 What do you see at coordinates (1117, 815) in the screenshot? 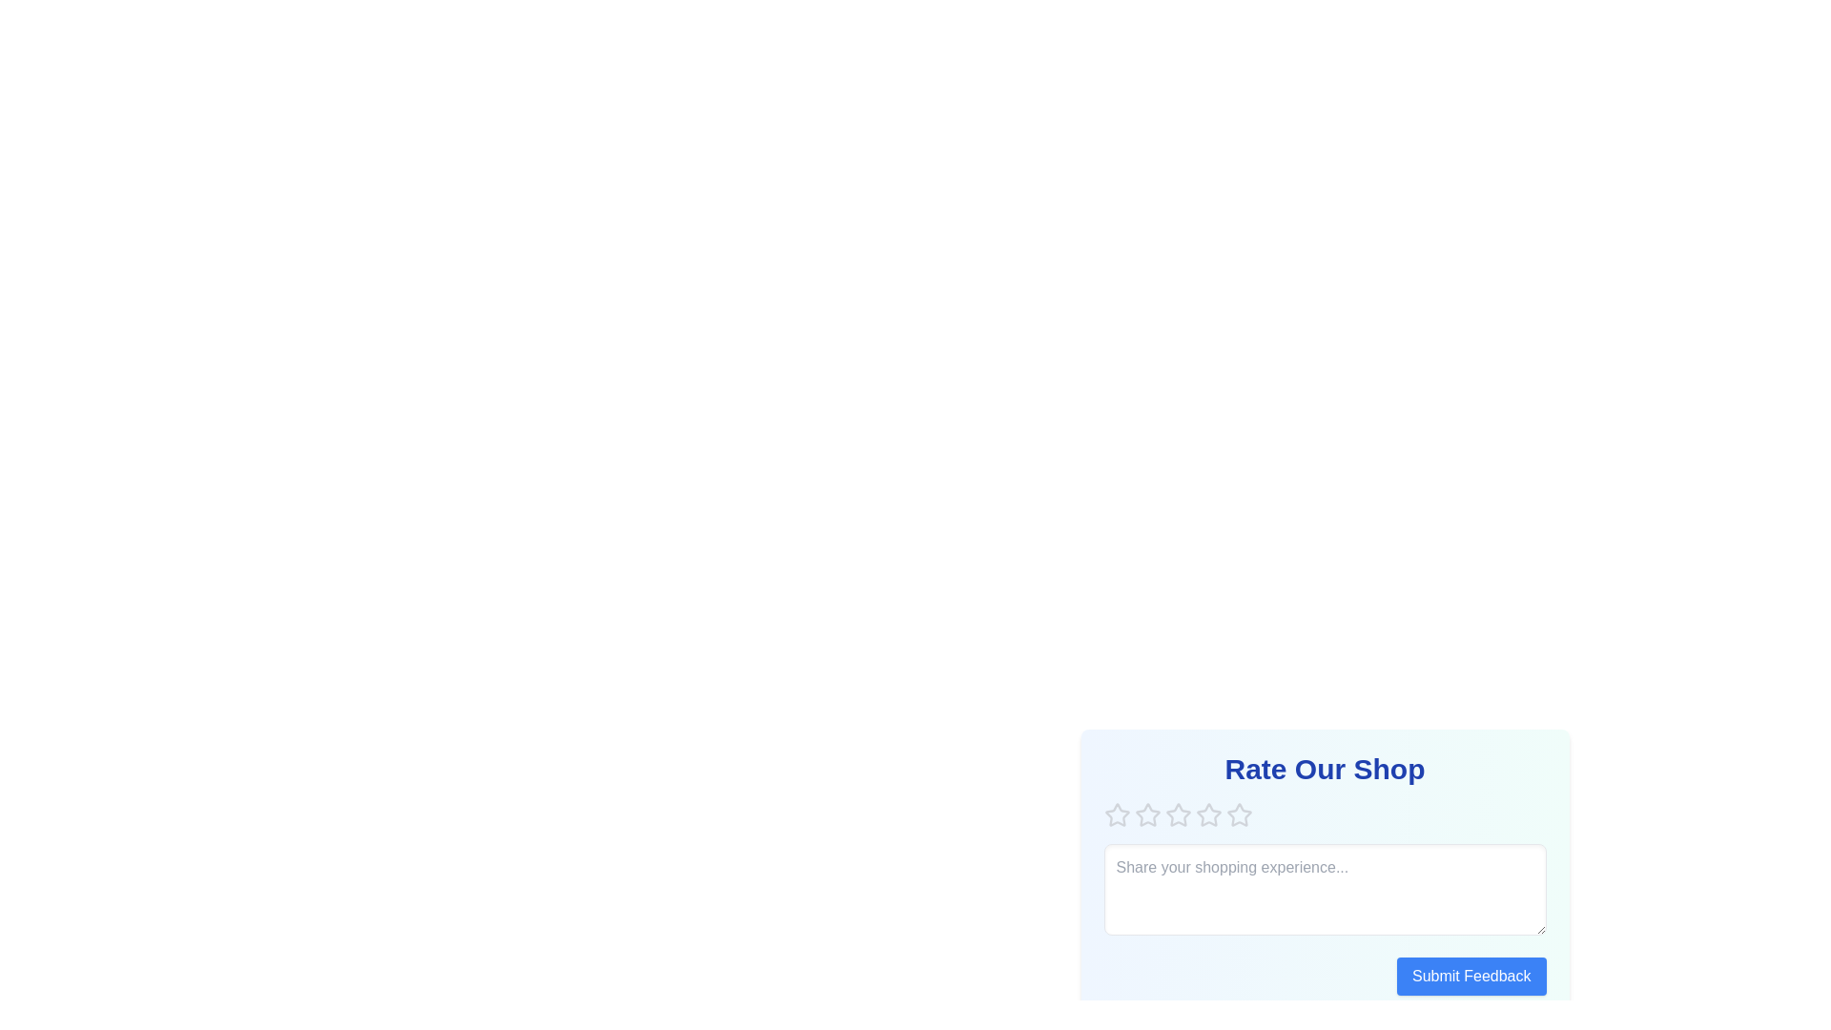
I see `the star corresponding to 1 to preview the rating` at bounding box center [1117, 815].